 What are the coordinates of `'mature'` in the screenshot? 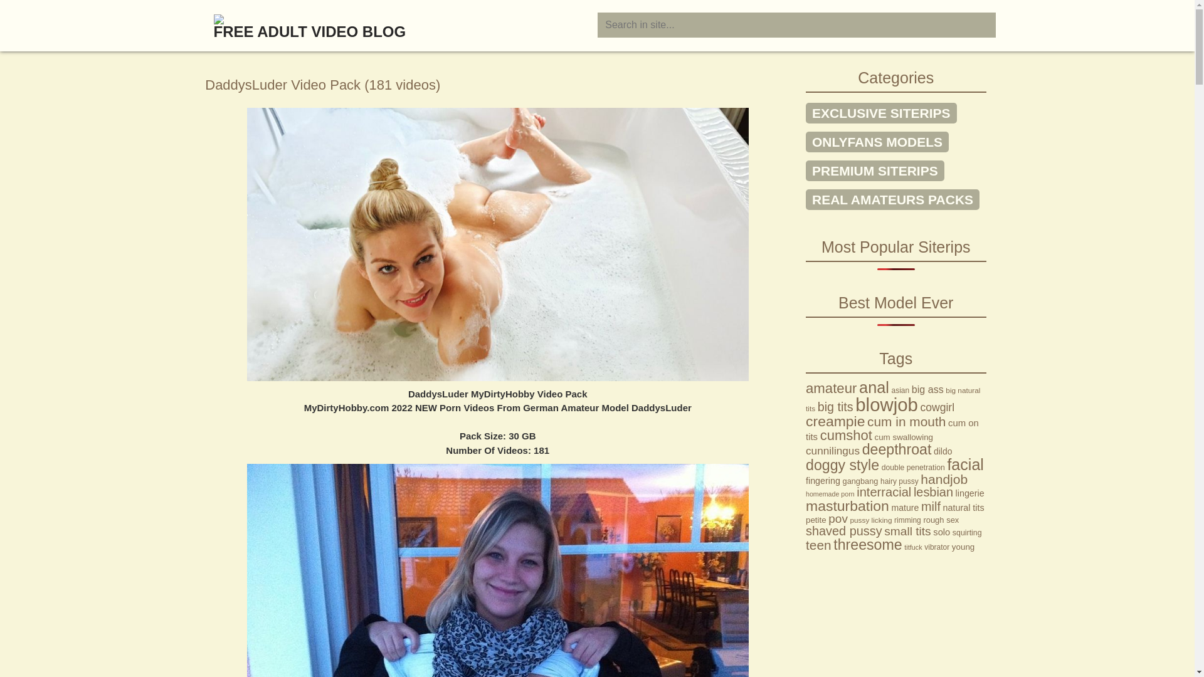 It's located at (905, 508).